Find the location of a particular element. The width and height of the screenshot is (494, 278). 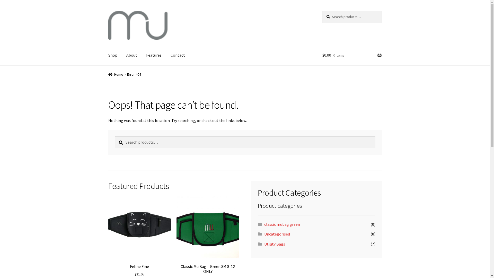

'Skip to navigation' is located at coordinates (108, 11).